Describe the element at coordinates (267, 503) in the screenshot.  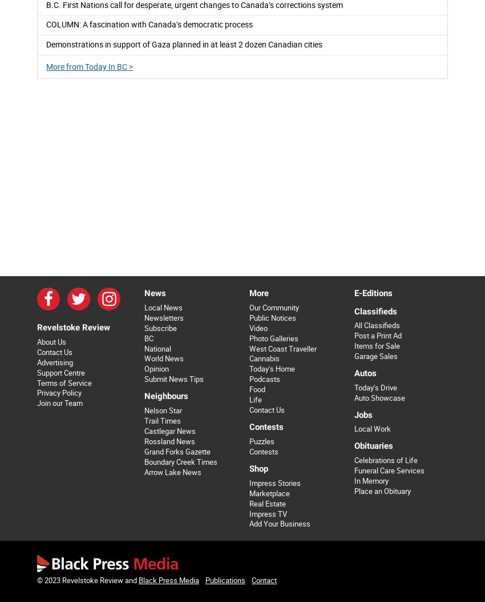
I see `'Real Estate'` at that location.